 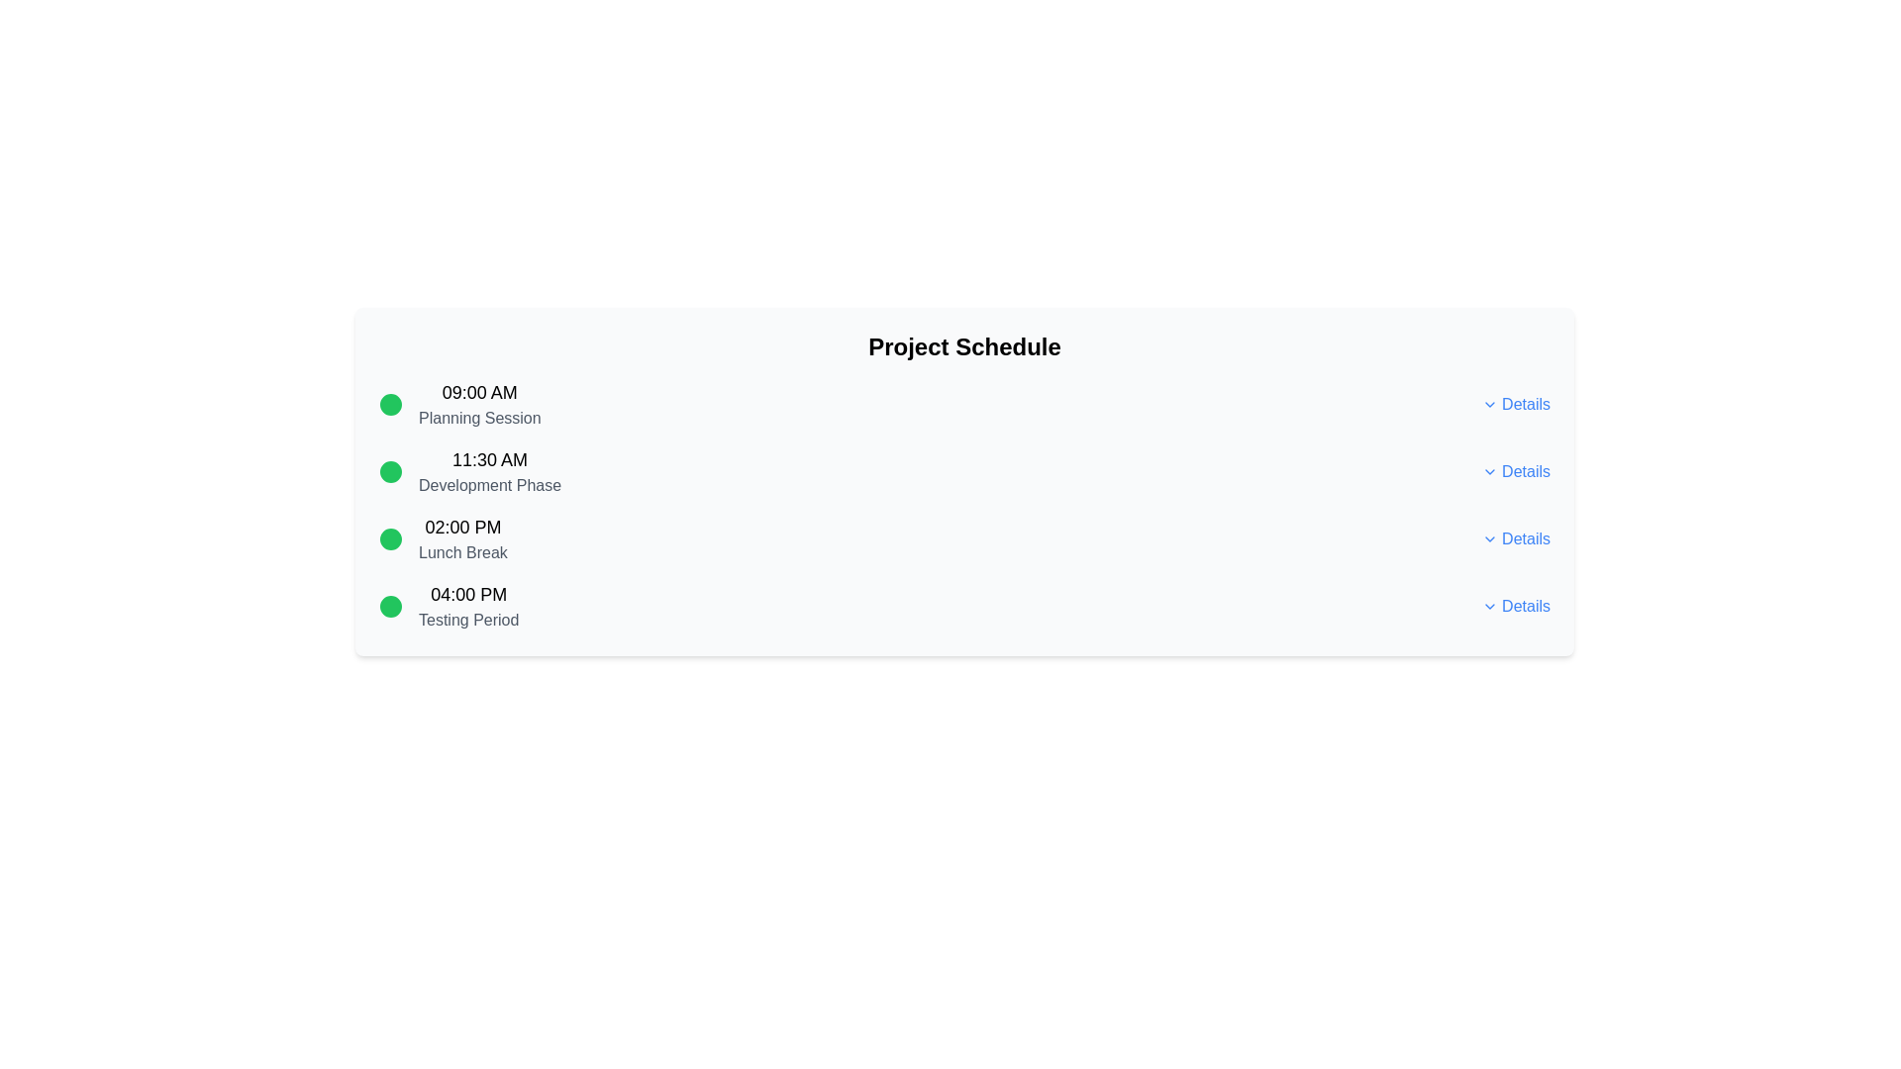 What do you see at coordinates (479, 393) in the screenshot?
I see `the text label displaying '09:00 AM'` at bounding box center [479, 393].